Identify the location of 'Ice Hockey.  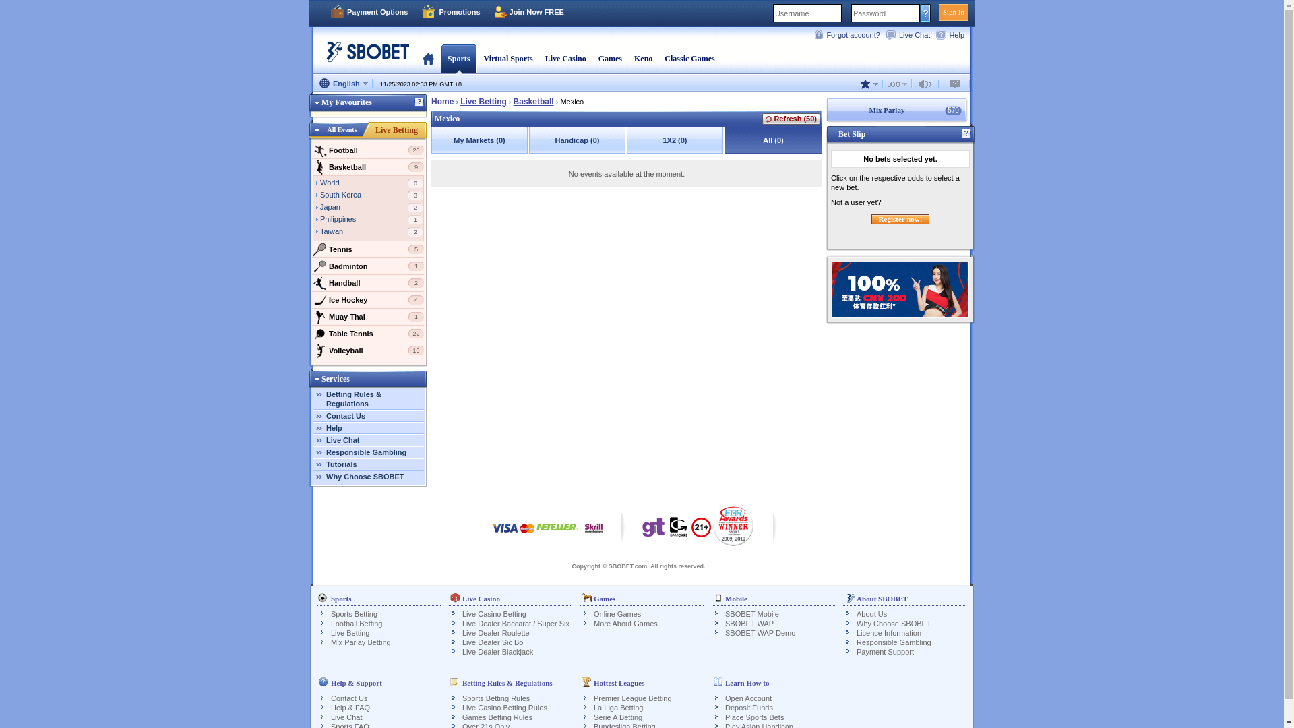
(368, 299).